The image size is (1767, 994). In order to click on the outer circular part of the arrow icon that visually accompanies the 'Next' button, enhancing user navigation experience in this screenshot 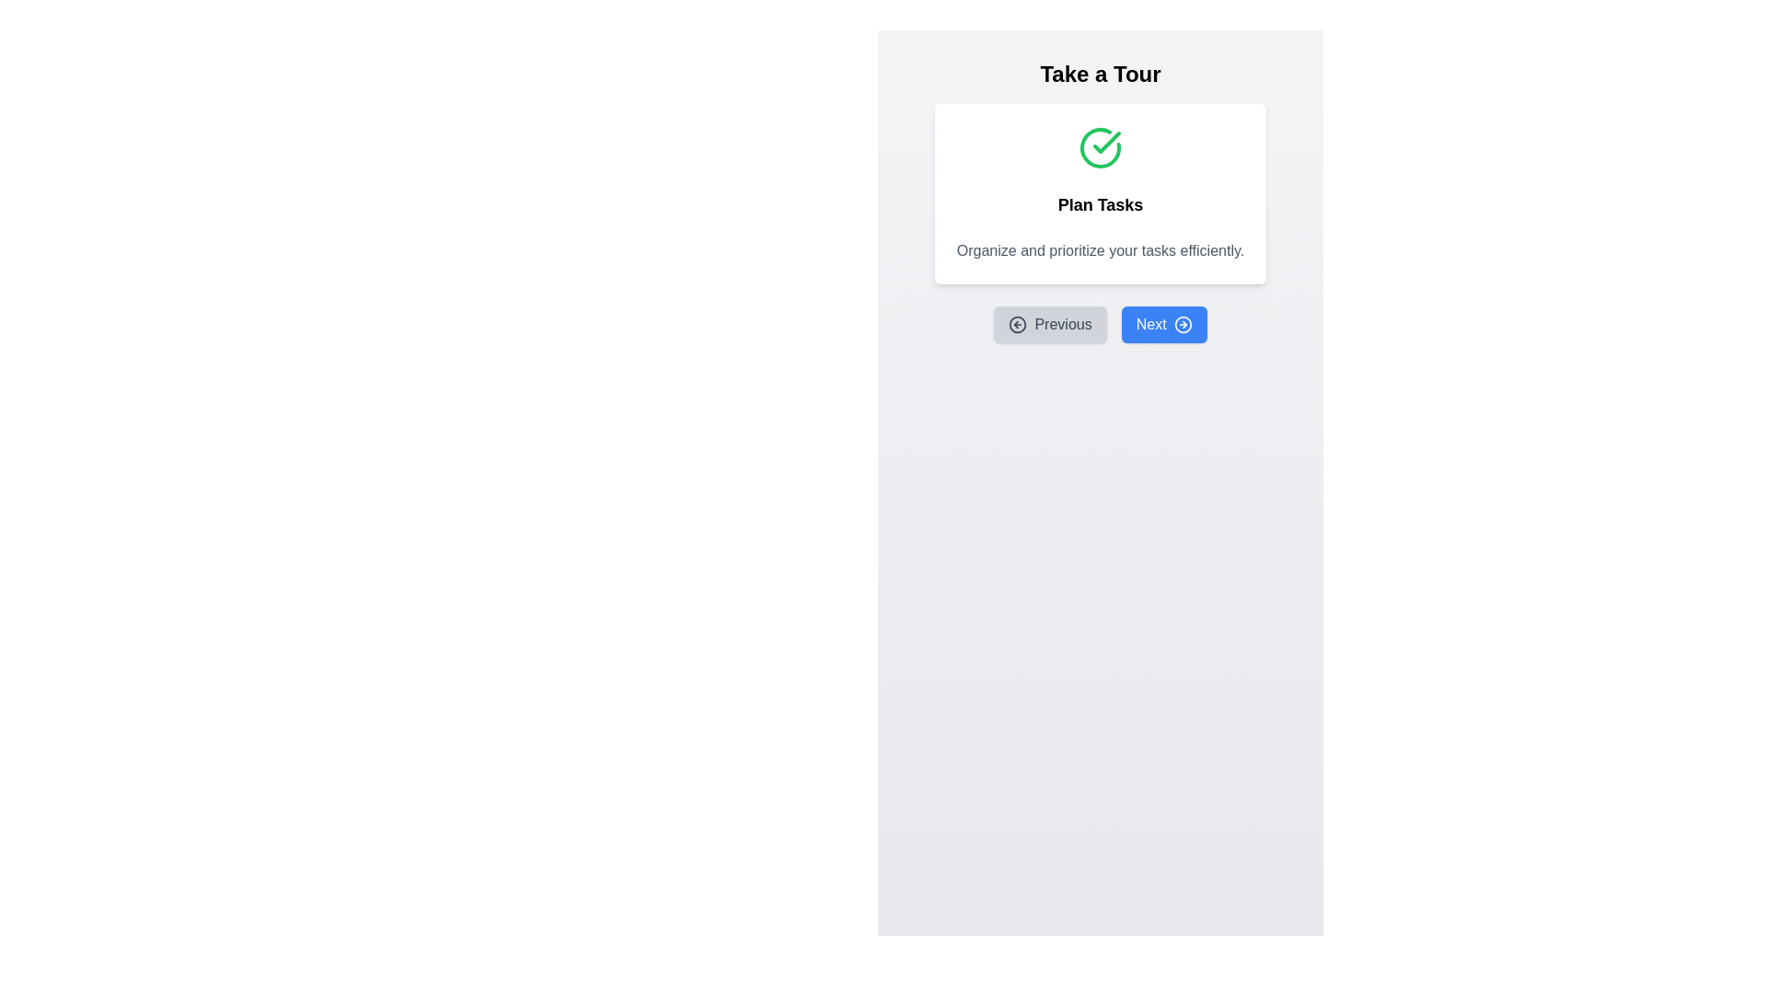, I will do `click(1183, 324)`.